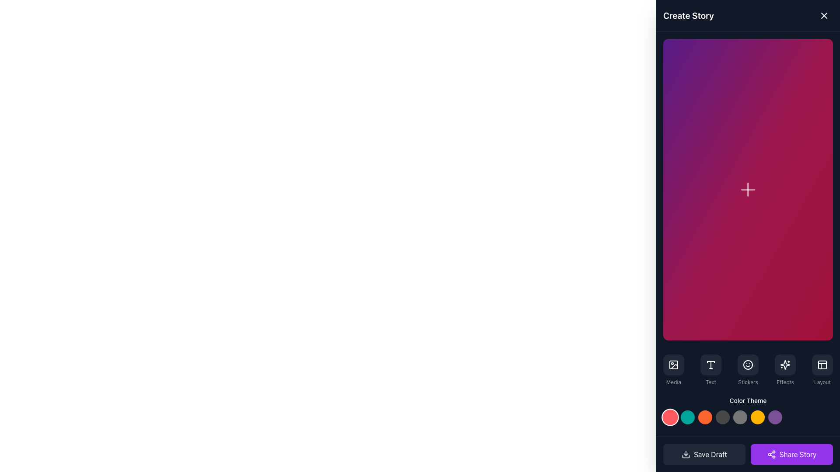 The image size is (840, 472). Describe the element at coordinates (823, 15) in the screenshot. I see `the close button represented by an 'X' icon in the top-right corner of the 'Create Story' panel to trigger the hover effect` at that location.